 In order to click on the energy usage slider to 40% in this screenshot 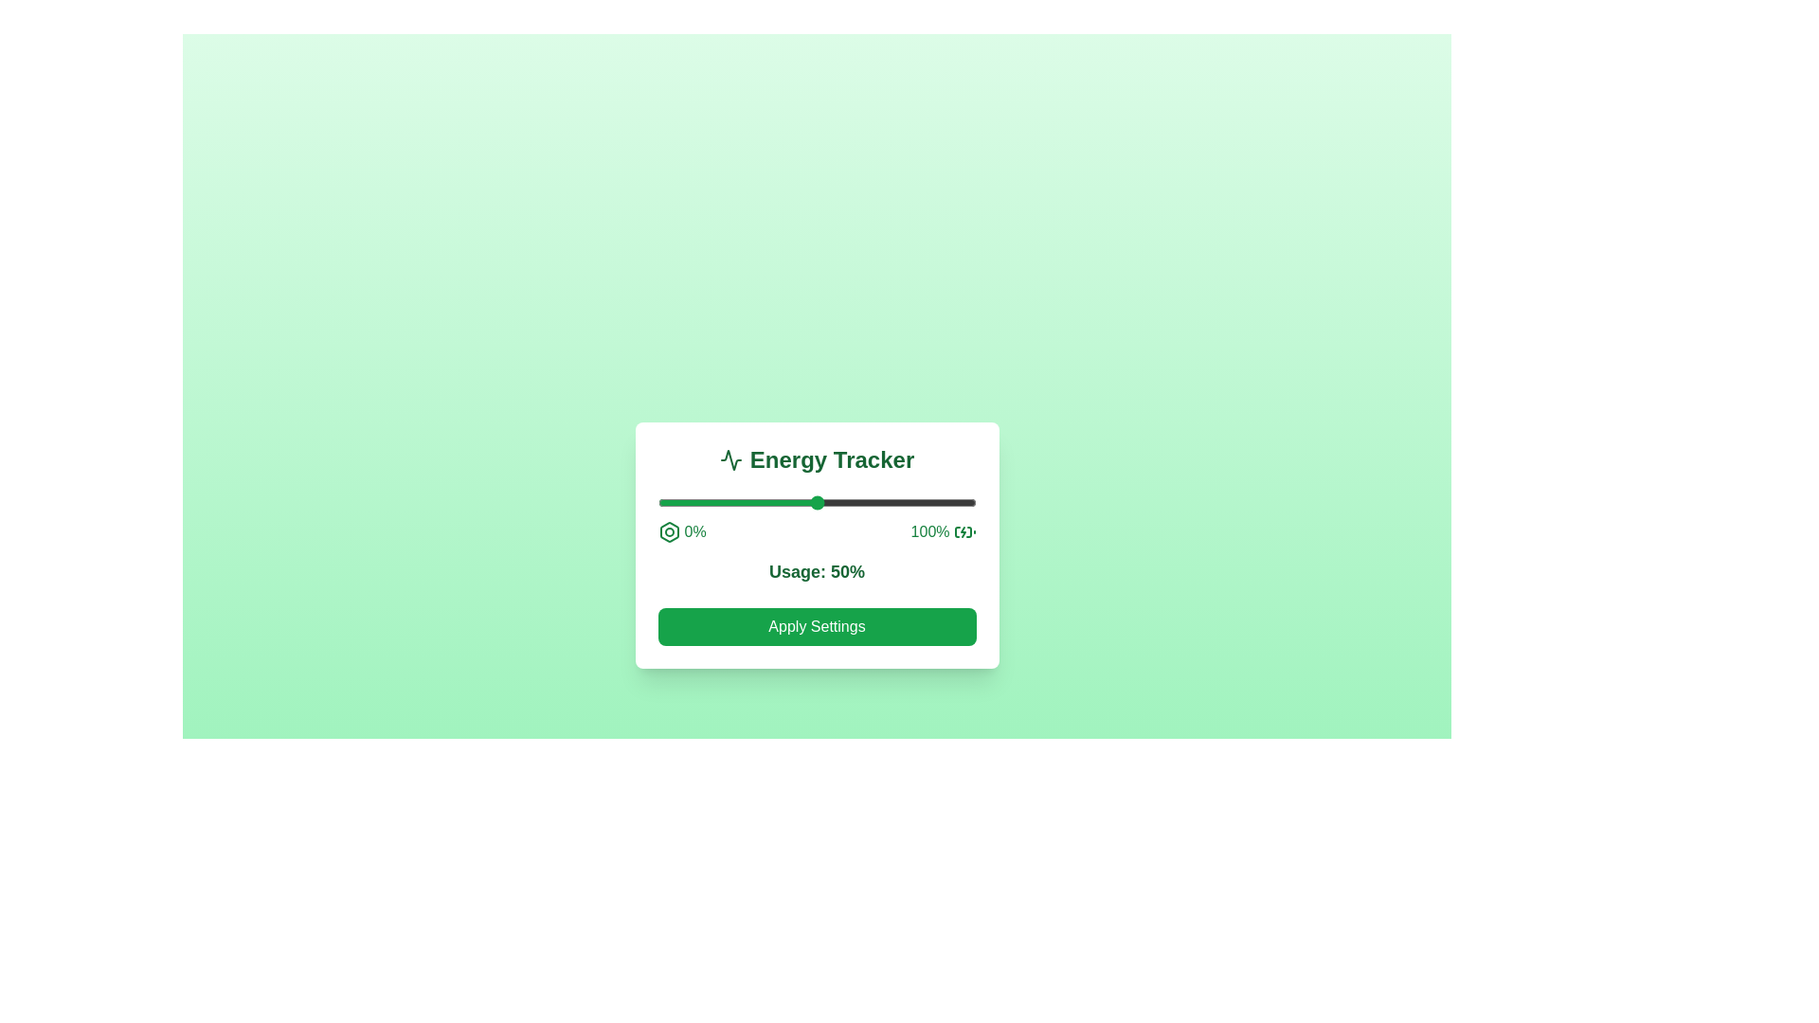, I will do `click(784, 502)`.